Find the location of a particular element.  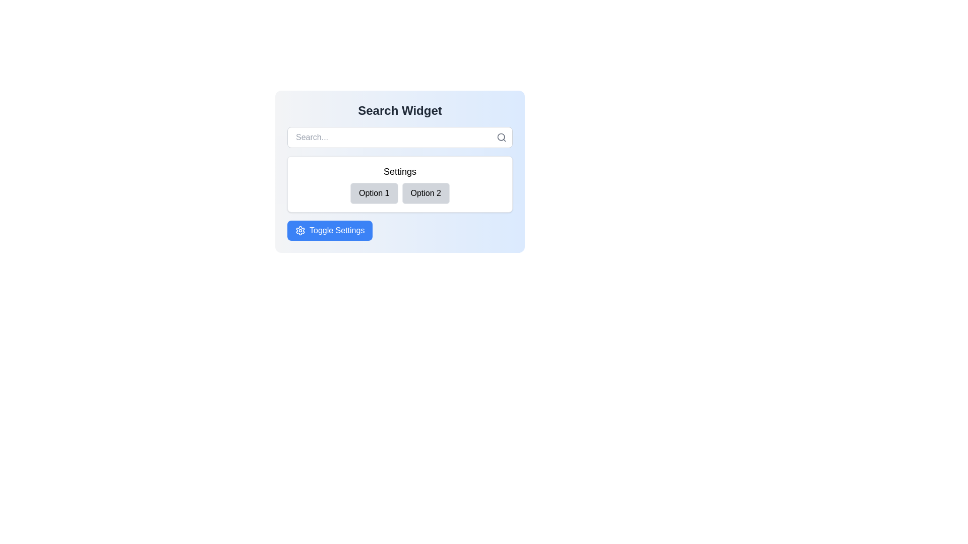

the toggle button located below 'Option 1' and 'Option 2' is located at coordinates (330, 231).